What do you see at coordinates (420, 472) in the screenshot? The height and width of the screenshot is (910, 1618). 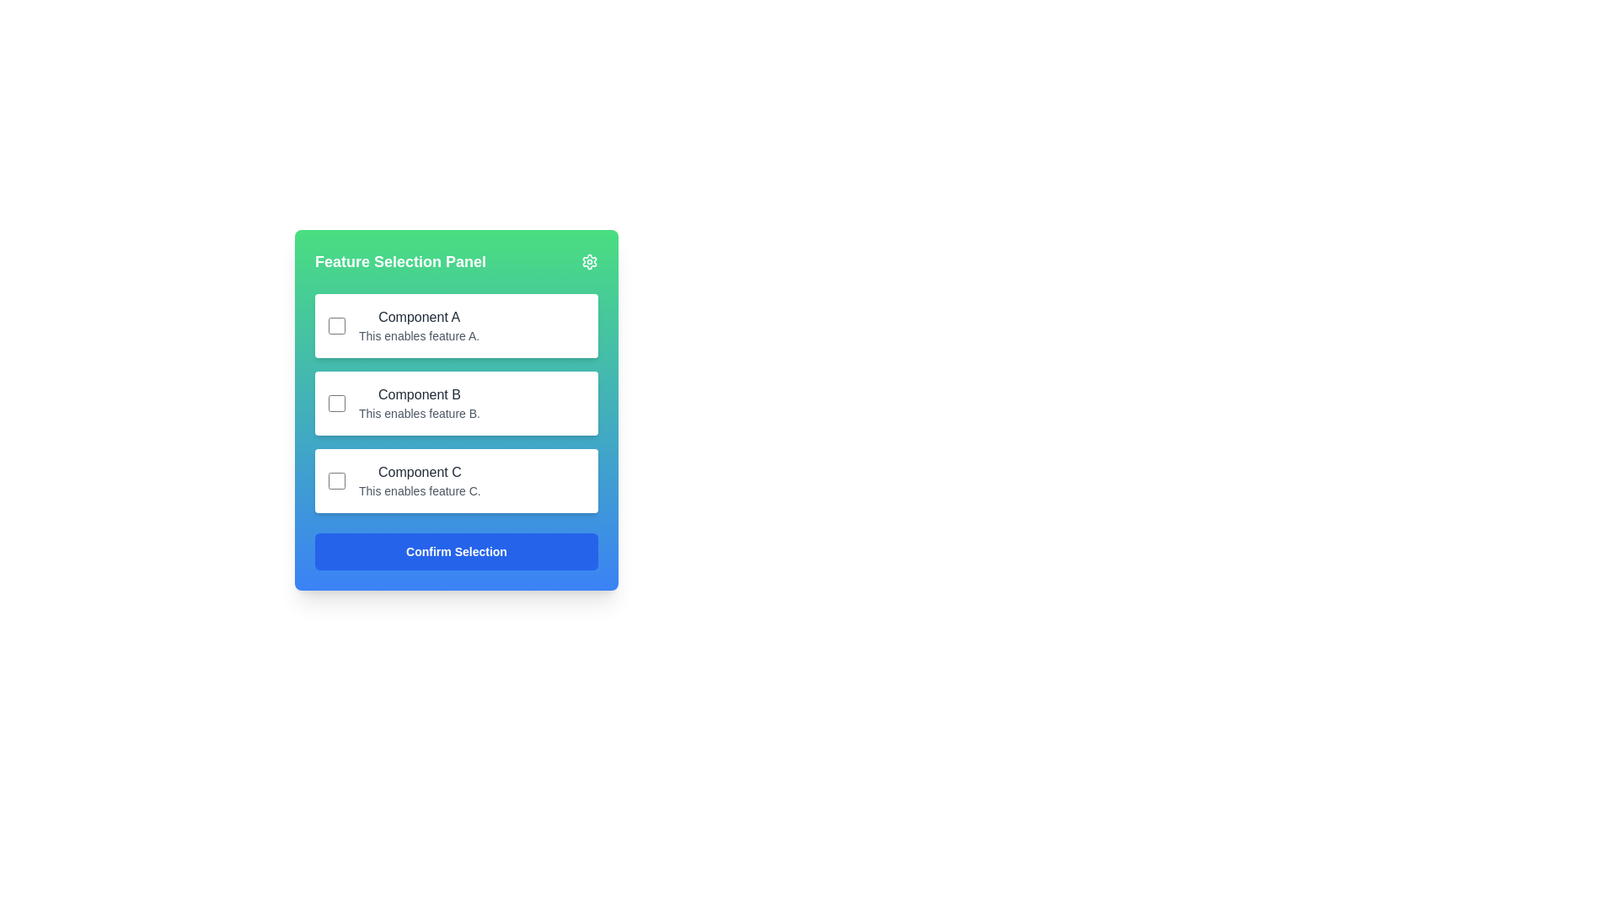 I see `the text label displaying 'Component C' in dark gray color, which is the third selection card in the vertical stack` at bounding box center [420, 472].